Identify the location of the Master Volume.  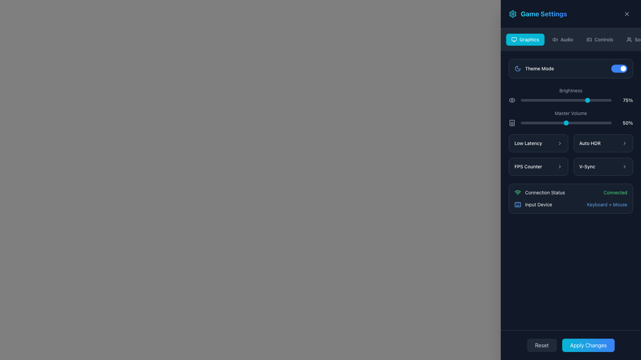
(605, 123).